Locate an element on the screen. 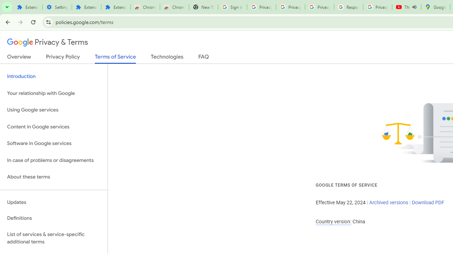 The height and width of the screenshot is (254, 453). 'Your relationship with Google' is located at coordinates (53, 93).